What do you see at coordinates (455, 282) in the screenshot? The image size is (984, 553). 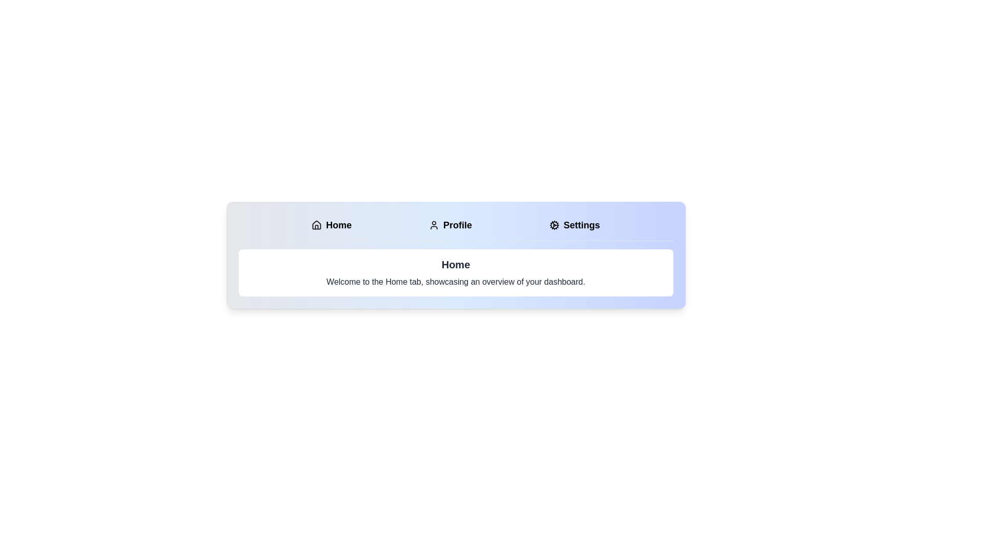 I see `the text label that states 'Welcome to the Home tab, showcasing an overview of your dashboard.' positioned below the 'Home' heading inside a rounded box` at bounding box center [455, 282].